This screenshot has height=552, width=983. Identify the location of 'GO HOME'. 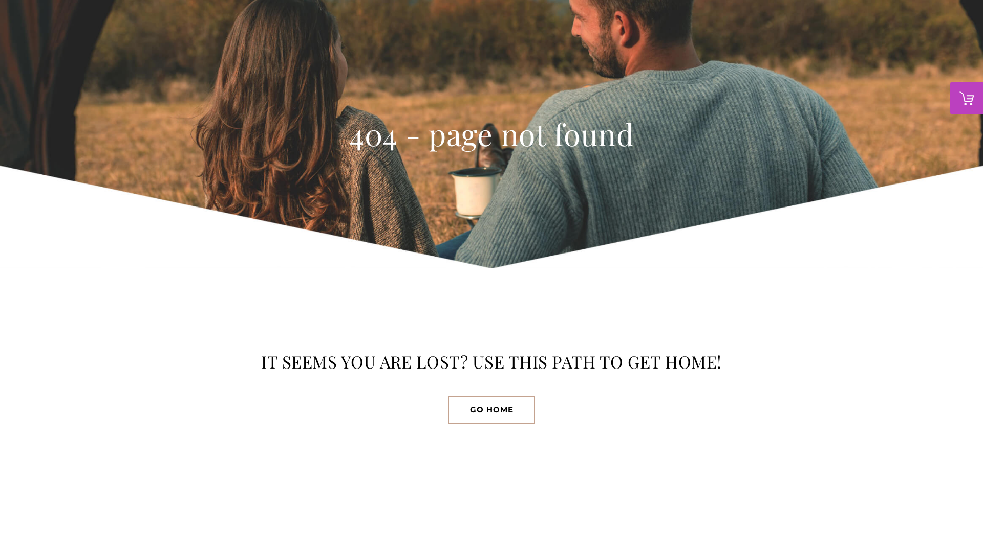
(491, 409).